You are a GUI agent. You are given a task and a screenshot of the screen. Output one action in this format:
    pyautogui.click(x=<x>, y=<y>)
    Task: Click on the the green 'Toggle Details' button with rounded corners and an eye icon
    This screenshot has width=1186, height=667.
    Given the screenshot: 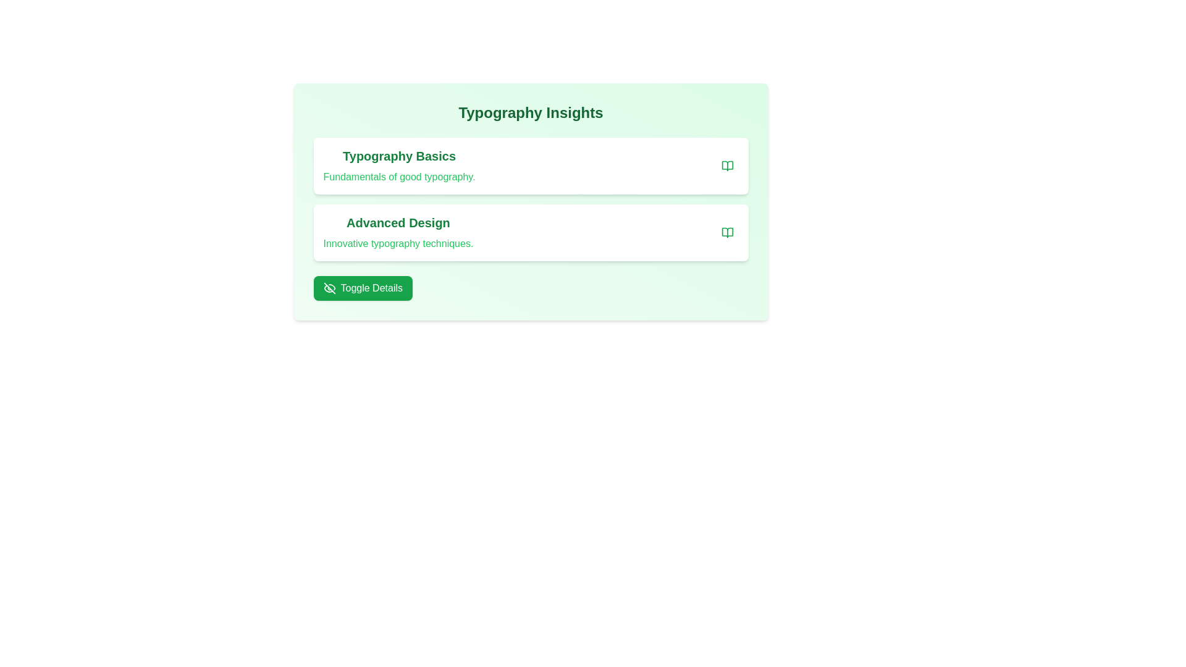 What is the action you would take?
    pyautogui.click(x=362, y=288)
    